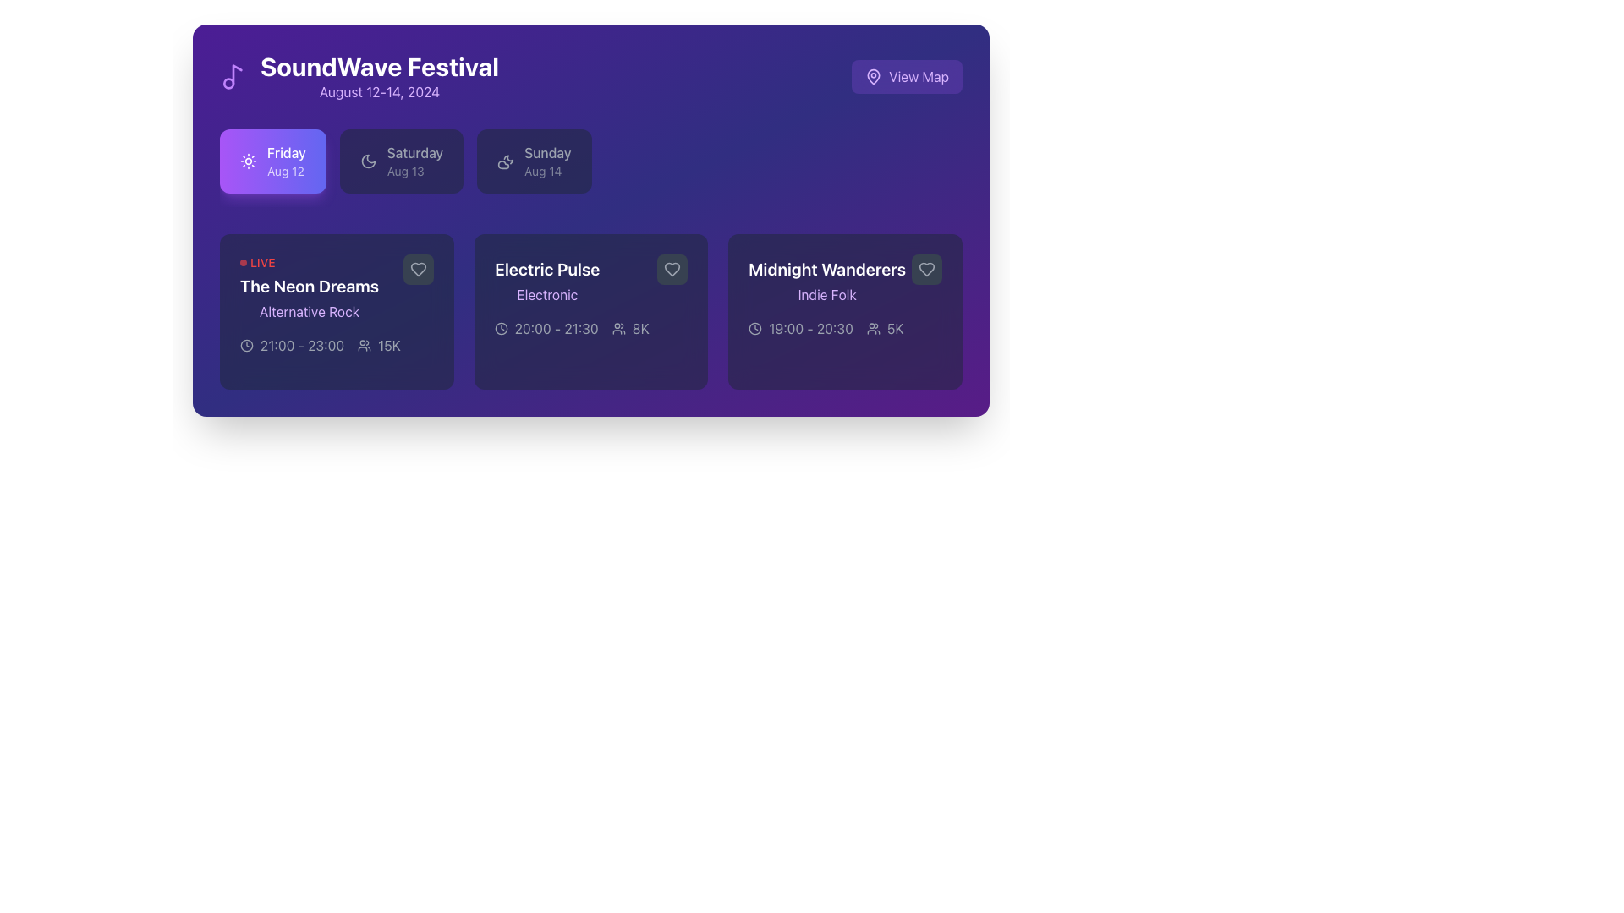 The image size is (1624, 913). What do you see at coordinates (401, 161) in the screenshot?
I see `the button representing Saturday, Aug 13` at bounding box center [401, 161].